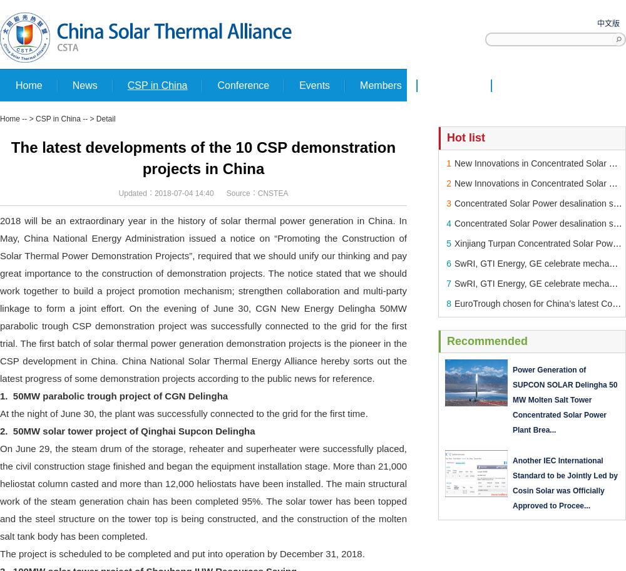  Describe the element at coordinates (448, 222) in the screenshot. I see `'4'` at that location.